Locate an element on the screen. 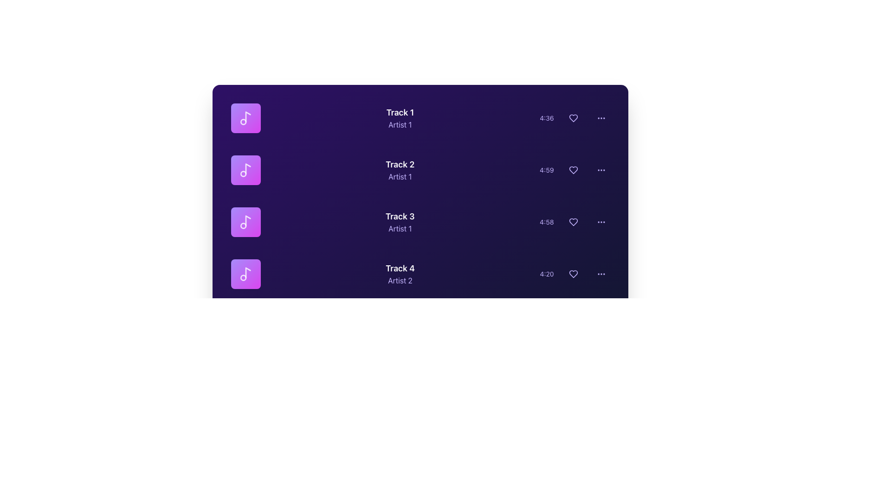 The width and height of the screenshot is (891, 501). the music note icon representing 'Track 3', which is located at the leftmost part of the list item adjacent to 'Track 3' and 'Artist 1' is located at coordinates (245, 222).